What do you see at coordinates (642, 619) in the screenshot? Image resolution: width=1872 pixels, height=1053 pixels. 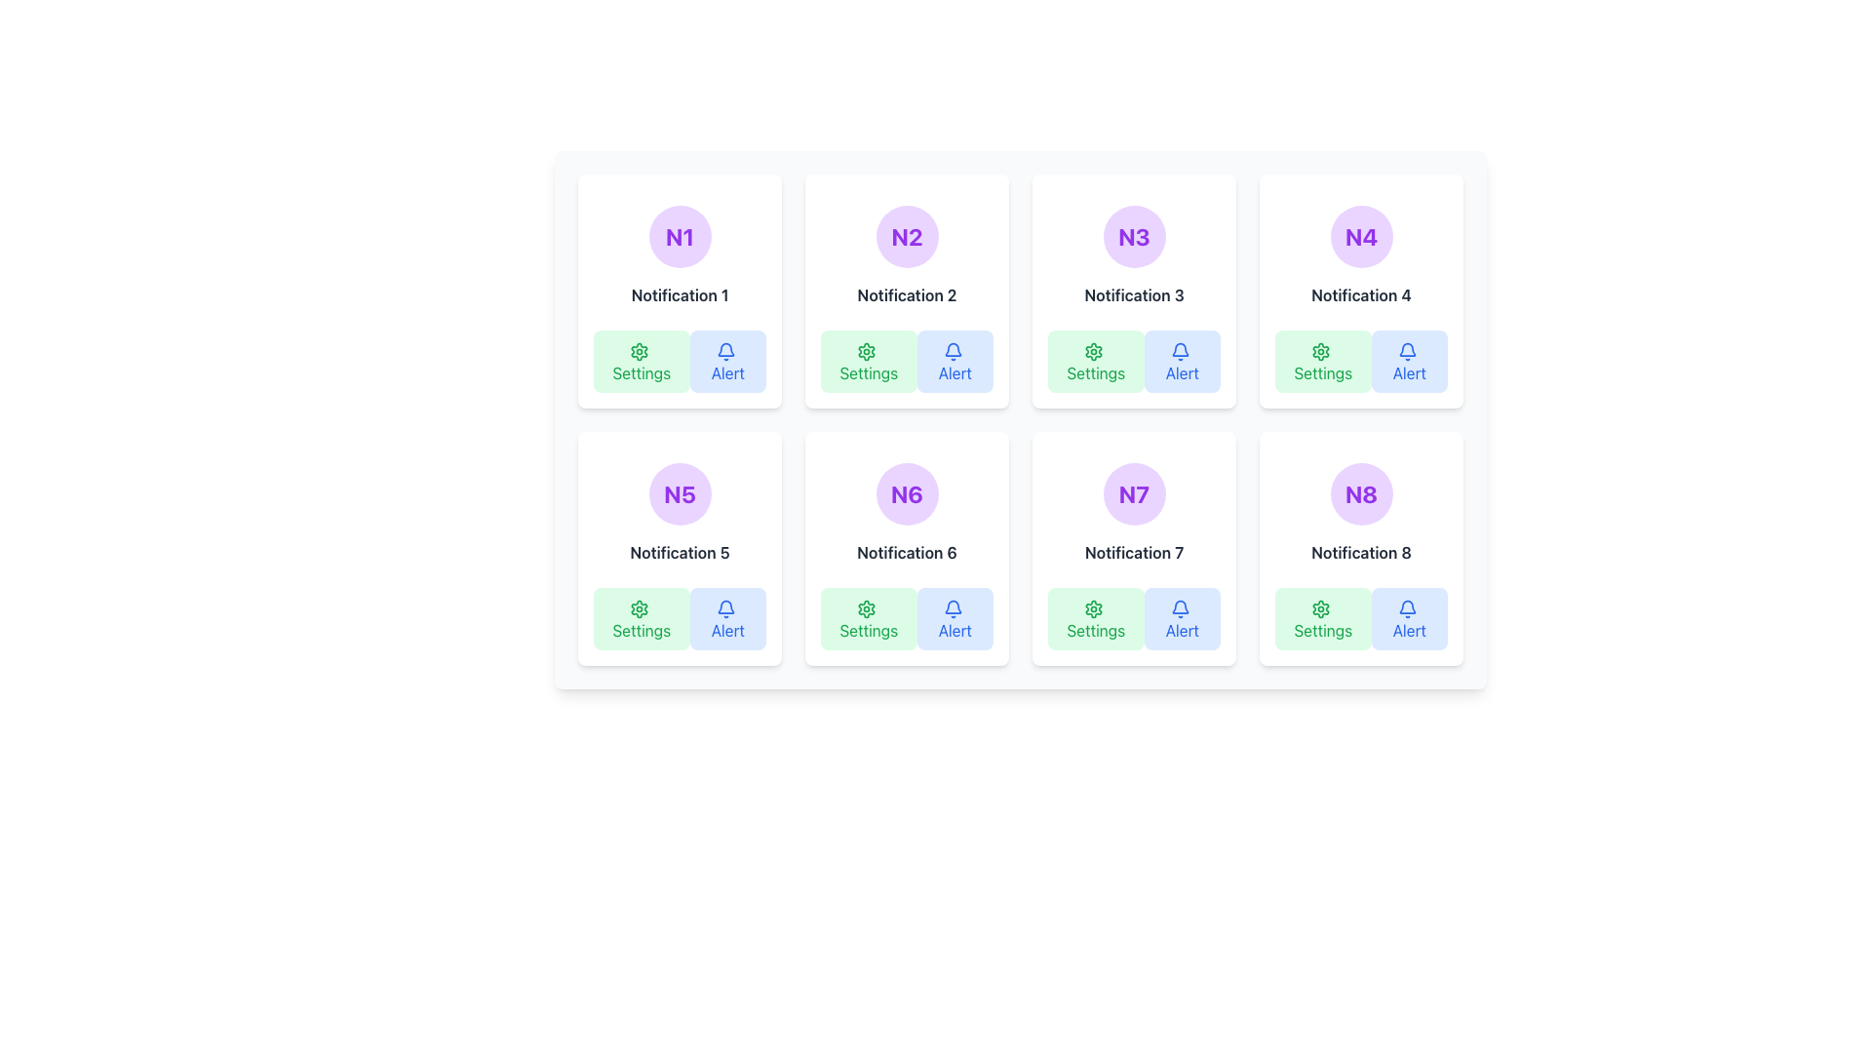 I see `the 'Settings' button with a light green background and dark green text located in the lower-left corner of 'Notification 5'` at bounding box center [642, 619].